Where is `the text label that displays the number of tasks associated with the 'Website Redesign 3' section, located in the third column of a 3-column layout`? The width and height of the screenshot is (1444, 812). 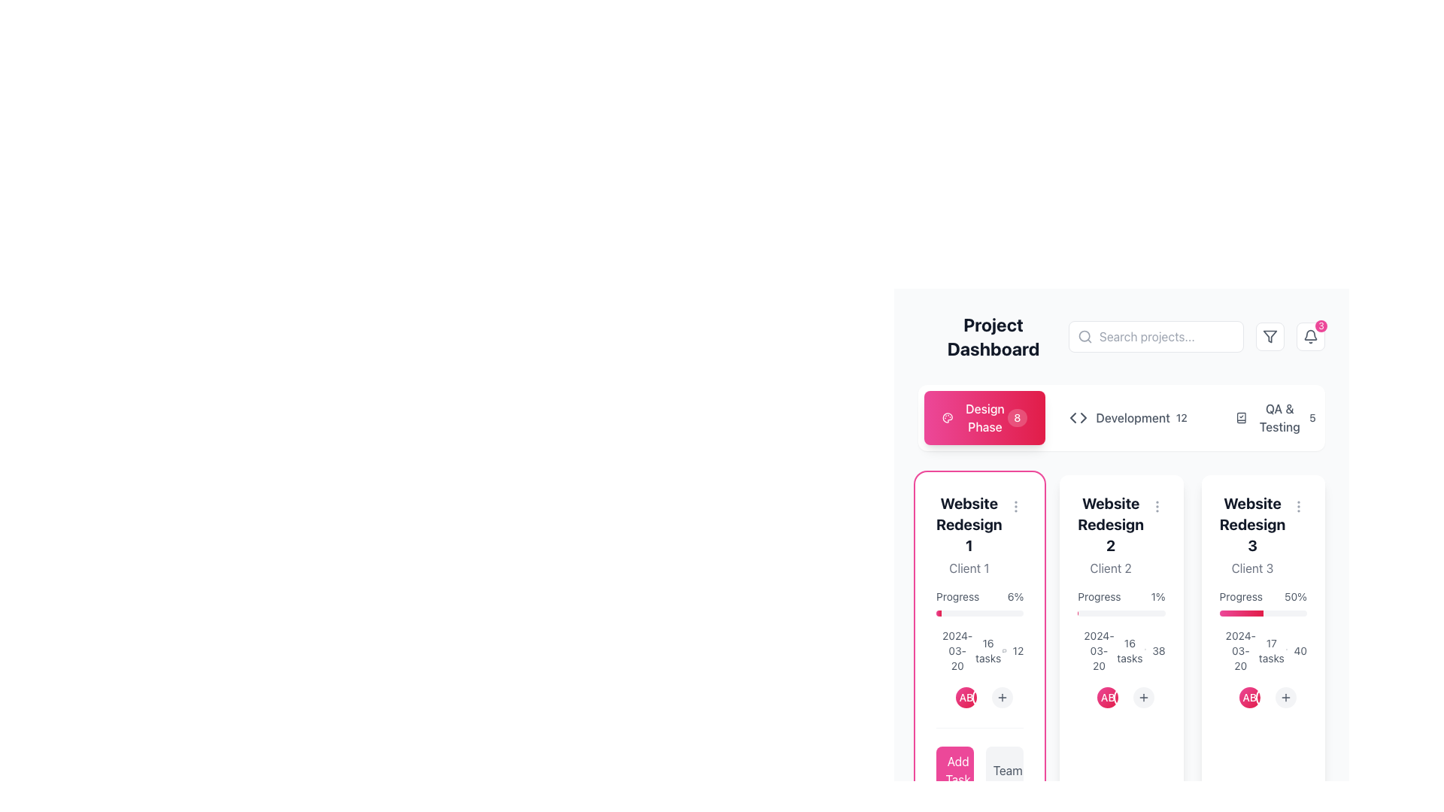
the text label that displays the number of tasks associated with the 'Website Redesign 3' section, located in the third column of a 3-column layout is located at coordinates (1263, 650).